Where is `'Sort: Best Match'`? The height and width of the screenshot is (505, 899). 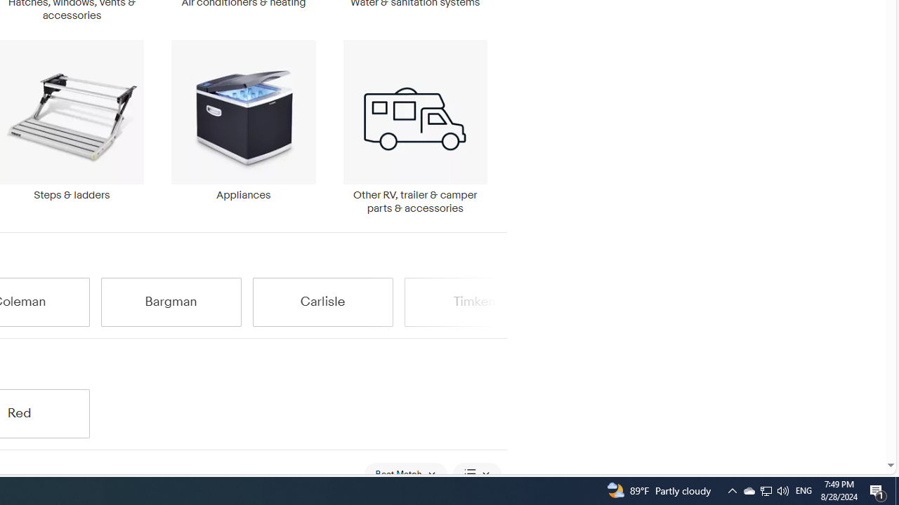
'Sort: Best Match' is located at coordinates (405, 473).